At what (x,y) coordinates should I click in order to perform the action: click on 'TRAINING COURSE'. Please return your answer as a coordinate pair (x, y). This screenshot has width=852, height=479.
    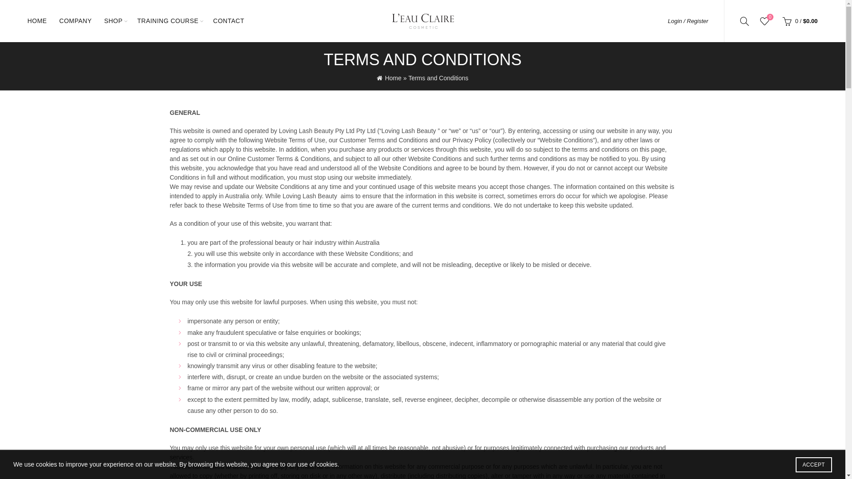
    Looking at the image, I should click on (131, 20).